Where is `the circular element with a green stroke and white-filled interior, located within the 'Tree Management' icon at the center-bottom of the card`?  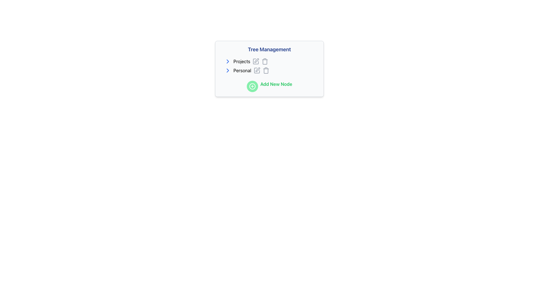 the circular element with a green stroke and white-filled interior, located within the 'Tree Management' icon at the center-bottom of the card is located at coordinates (252, 86).